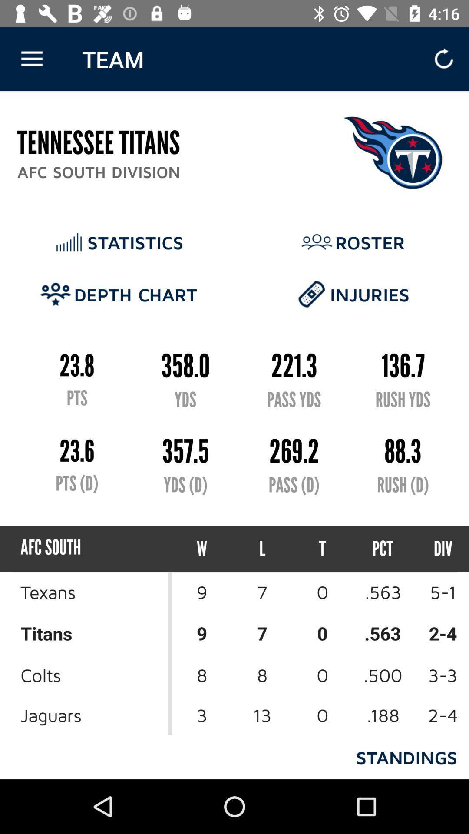  What do you see at coordinates (322, 548) in the screenshot?
I see `the icon to the right of l` at bounding box center [322, 548].